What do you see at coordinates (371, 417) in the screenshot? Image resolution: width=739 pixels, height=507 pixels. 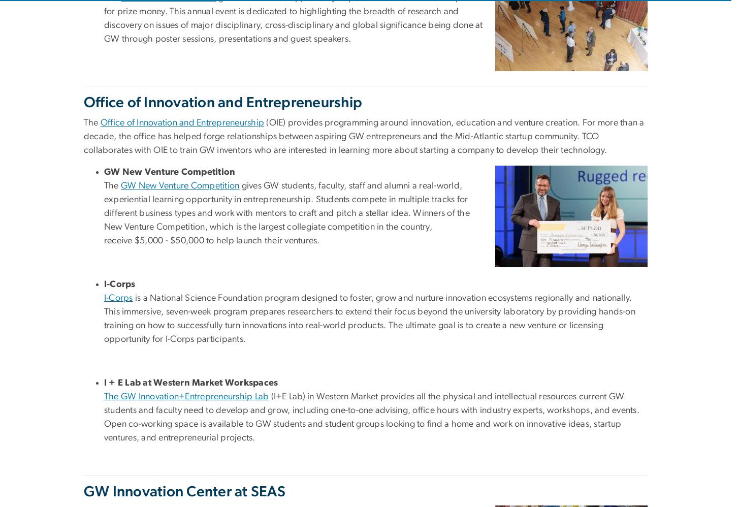 I see `'(I+E Lab) in Western Market provides all the physical and intellectual resources current GW students and faculty need to develop and grow, including one-to-one advising, office hours with industry experts, workshops, and events. Open co-working space is available to GW students and student groups looking to find a home and work on innovative ideas, startup ventures, and entrepreneurial projects.'` at bounding box center [371, 417].